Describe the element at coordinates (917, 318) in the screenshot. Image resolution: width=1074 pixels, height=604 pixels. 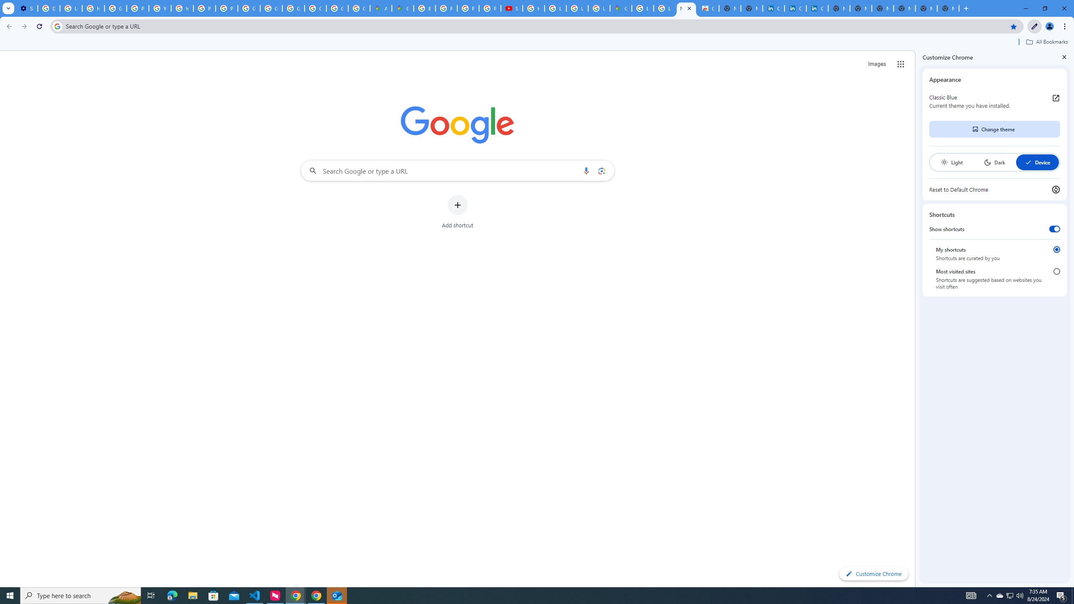
I see `'Side Panel Resize Handle'` at that location.